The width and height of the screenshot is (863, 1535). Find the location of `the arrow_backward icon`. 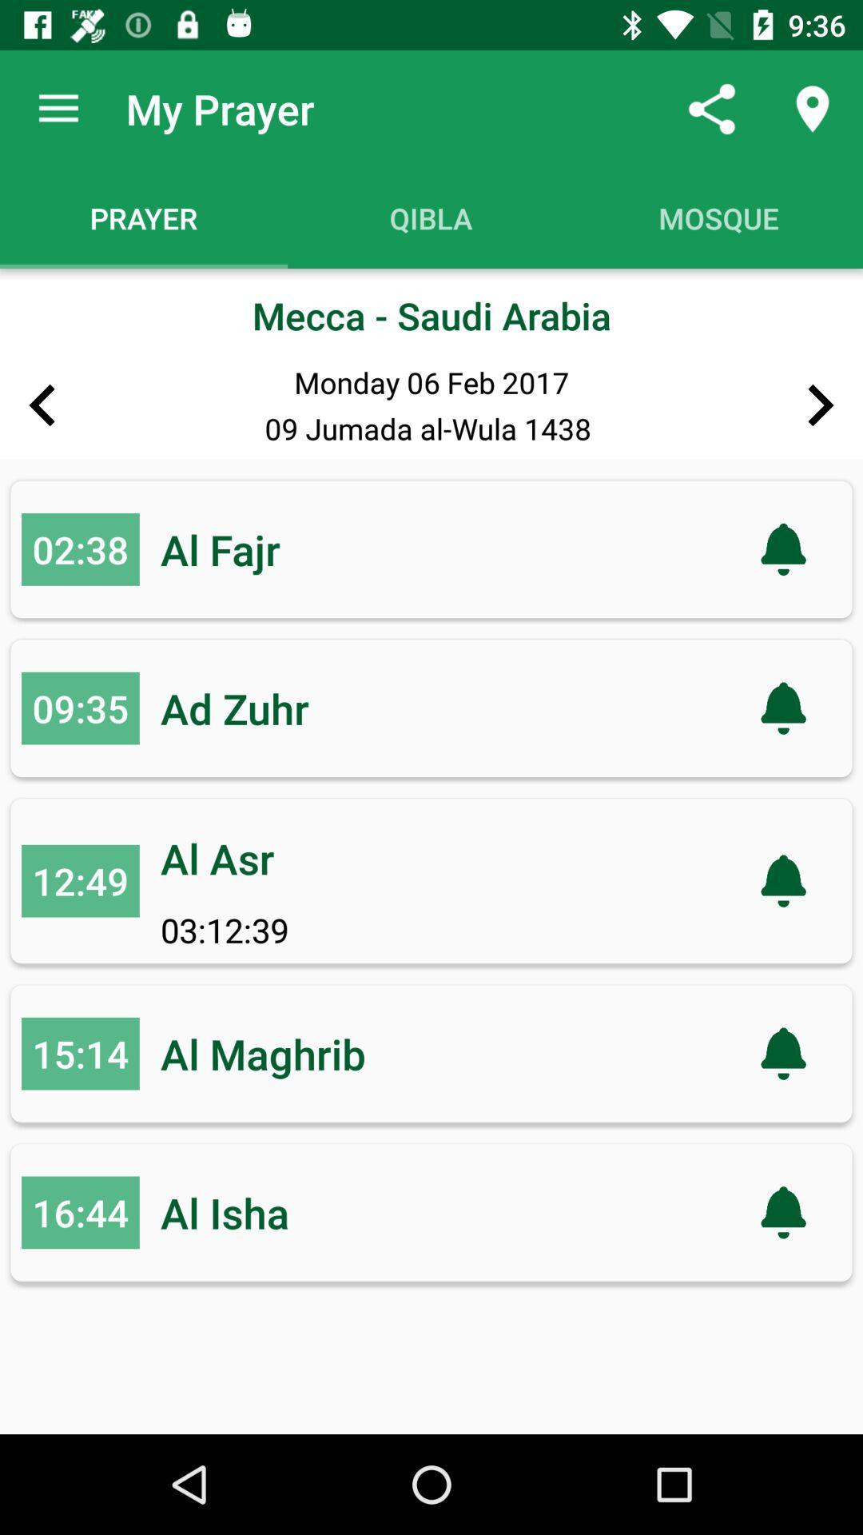

the arrow_backward icon is located at coordinates (41, 405).